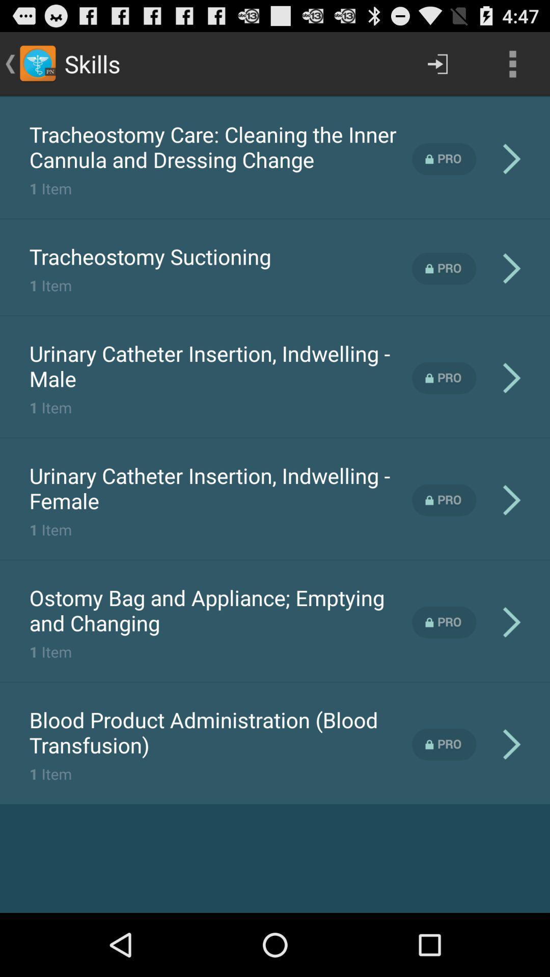 The height and width of the screenshot is (977, 550). I want to click on the tracheostomy suctioning app, so click(150, 256).